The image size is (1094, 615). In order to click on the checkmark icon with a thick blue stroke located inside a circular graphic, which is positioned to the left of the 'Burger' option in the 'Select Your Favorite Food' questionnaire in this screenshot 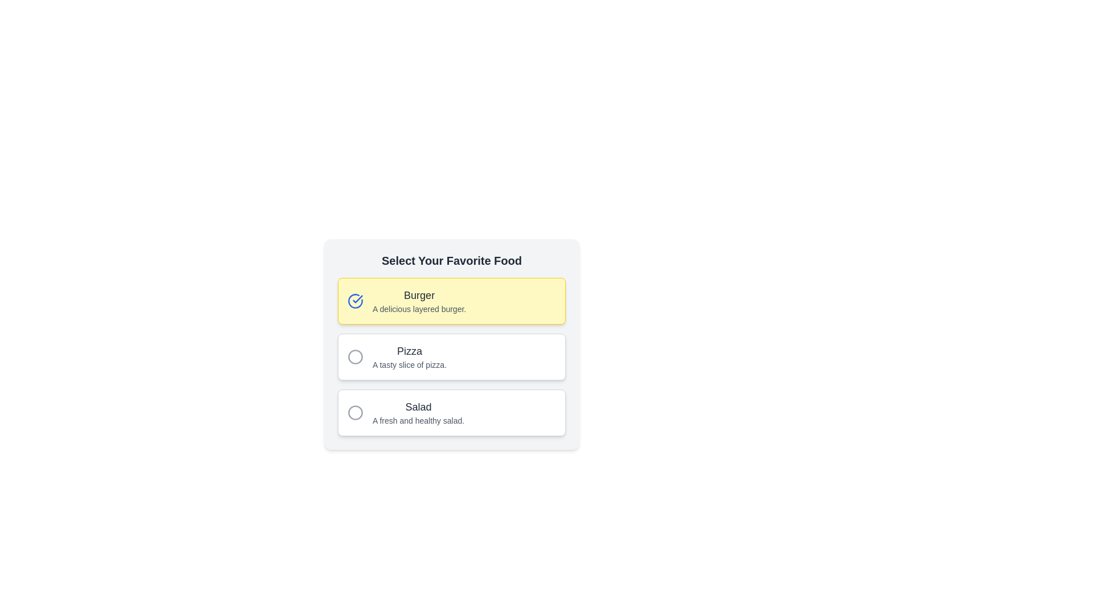, I will do `click(357, 298)`.